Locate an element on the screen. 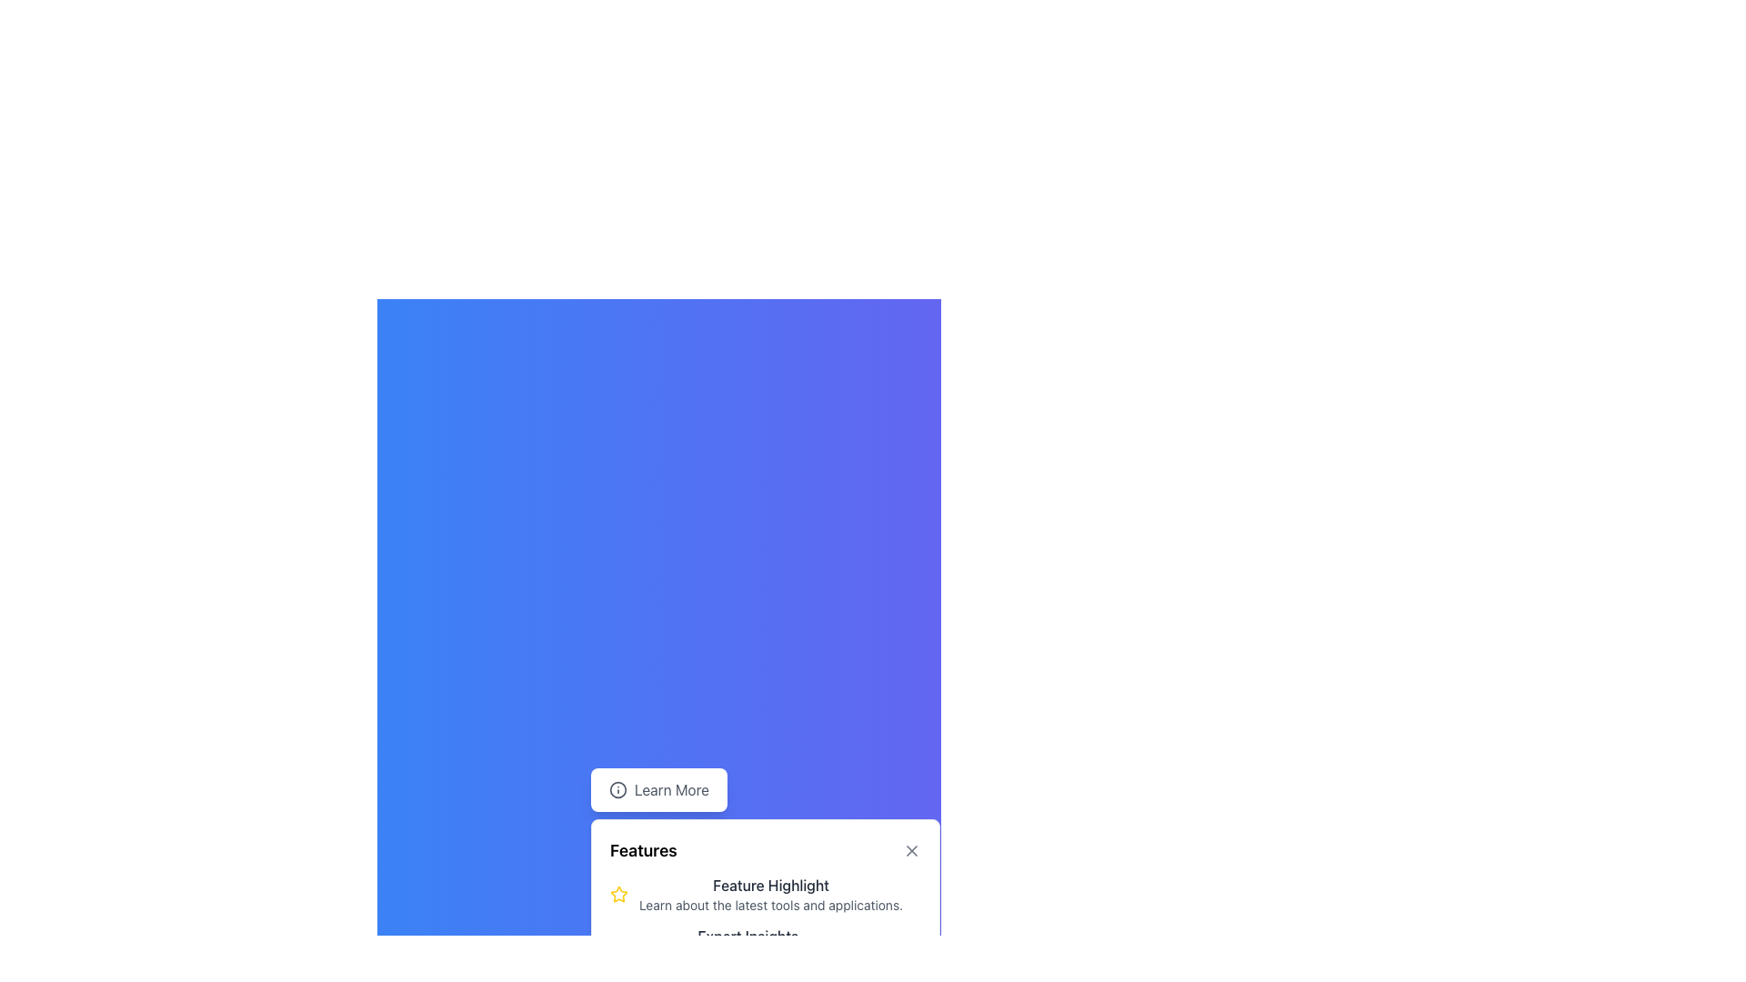 Image resolution: width=1746 pixels, height=982 pixels. the text label that reads 'Learn about the latest tools and applications.' located below the 'Feature Highlight' title in the bottom right section of the interface is located at coordinates (771, 905).